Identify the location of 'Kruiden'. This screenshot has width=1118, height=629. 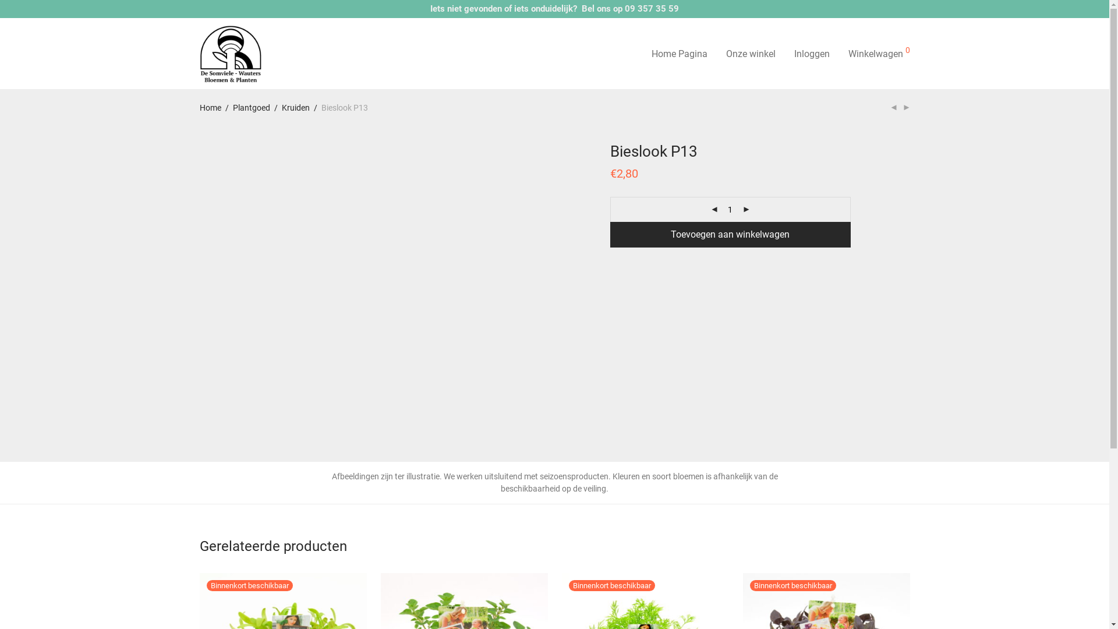
(296, 108).